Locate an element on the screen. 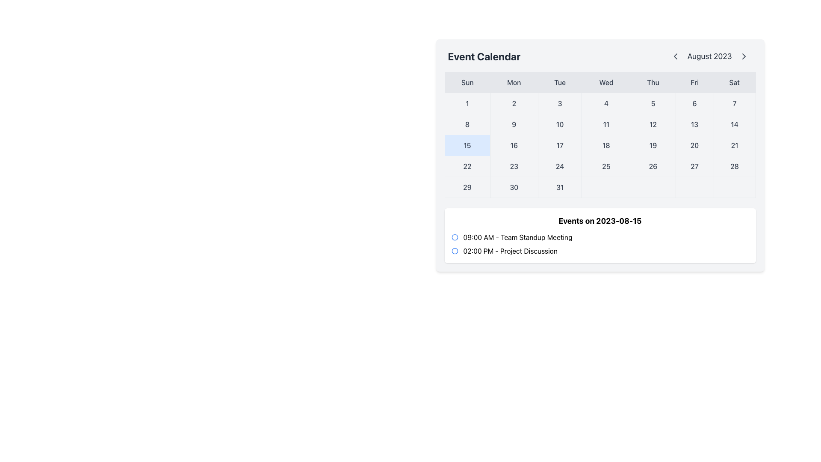  the button displaying '30' in the second column of the last row of the calendar grid is located at coordinates (514, 187).